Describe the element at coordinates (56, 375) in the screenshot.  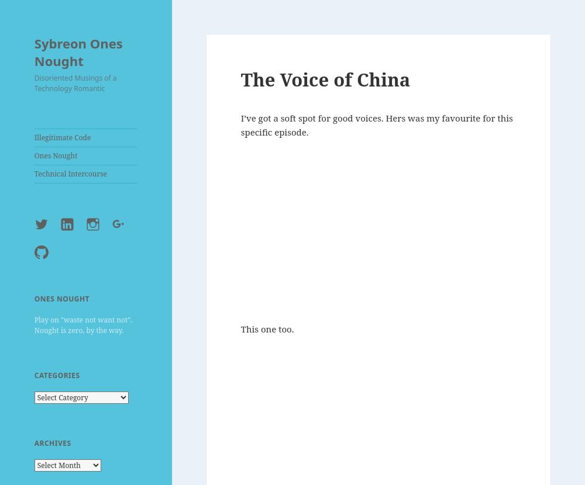
I see `'Categories'` at that location.